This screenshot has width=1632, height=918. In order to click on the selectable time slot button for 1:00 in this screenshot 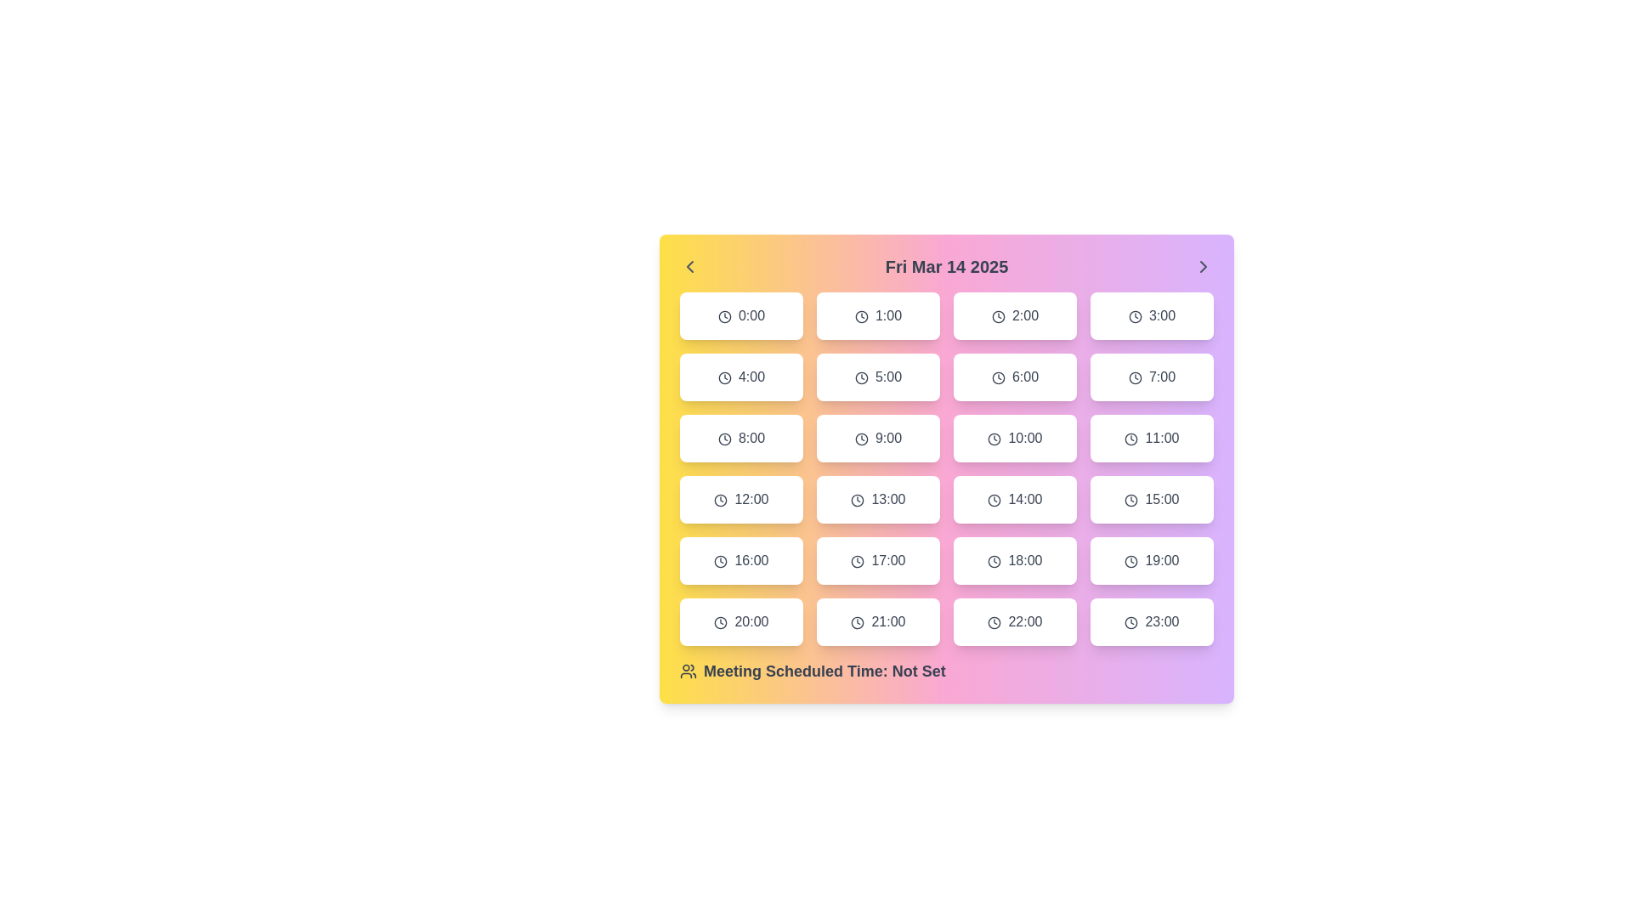, I will do `click(878, 315)`.